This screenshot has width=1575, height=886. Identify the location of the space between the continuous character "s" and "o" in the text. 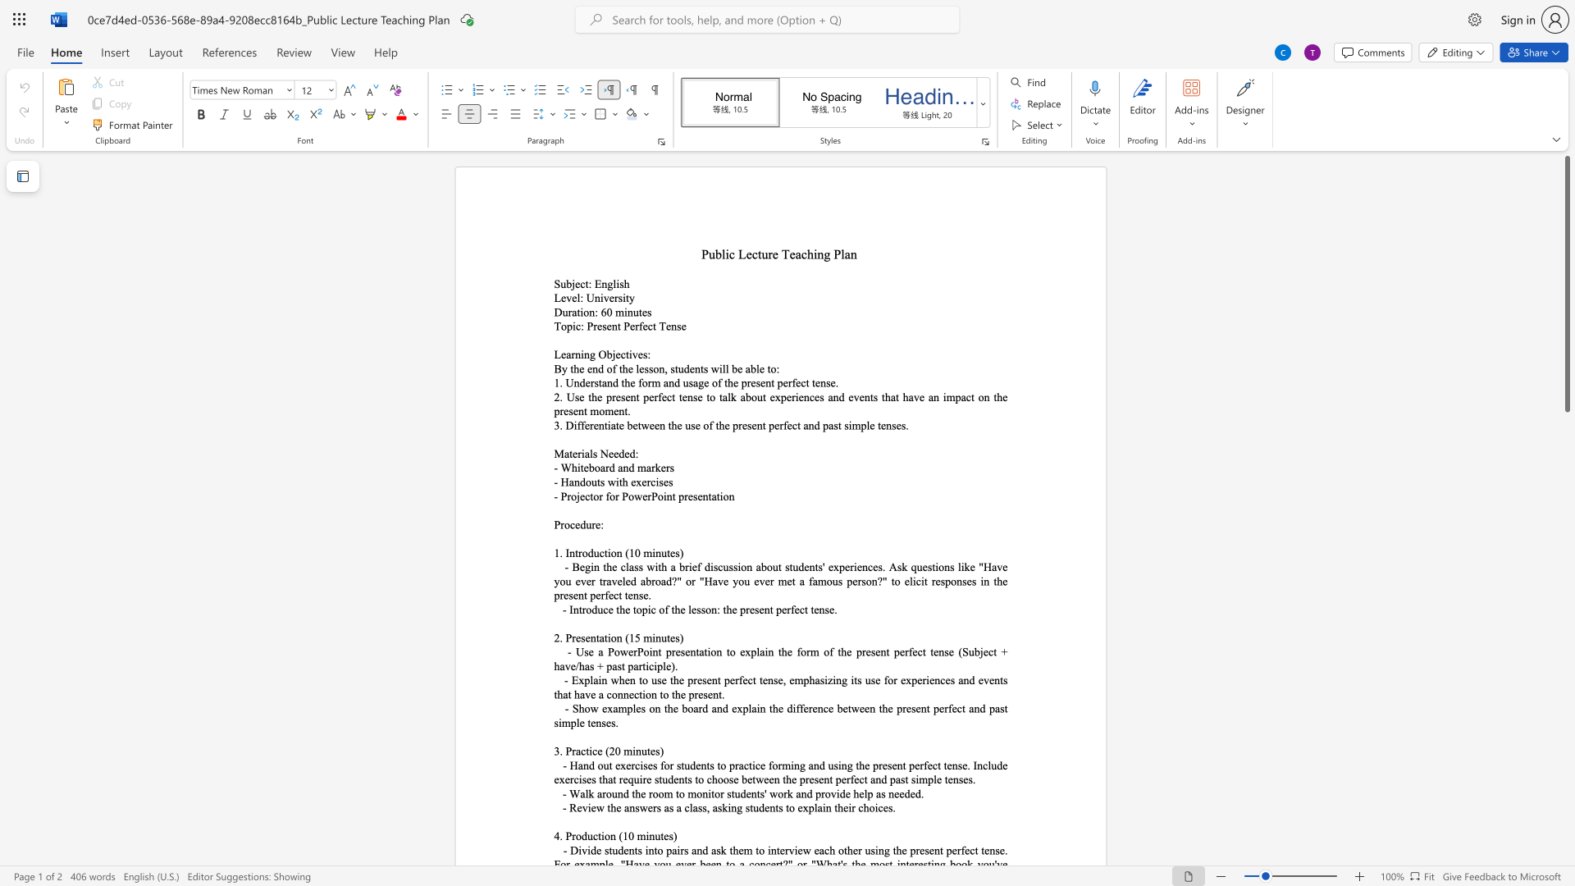
(652, 368).